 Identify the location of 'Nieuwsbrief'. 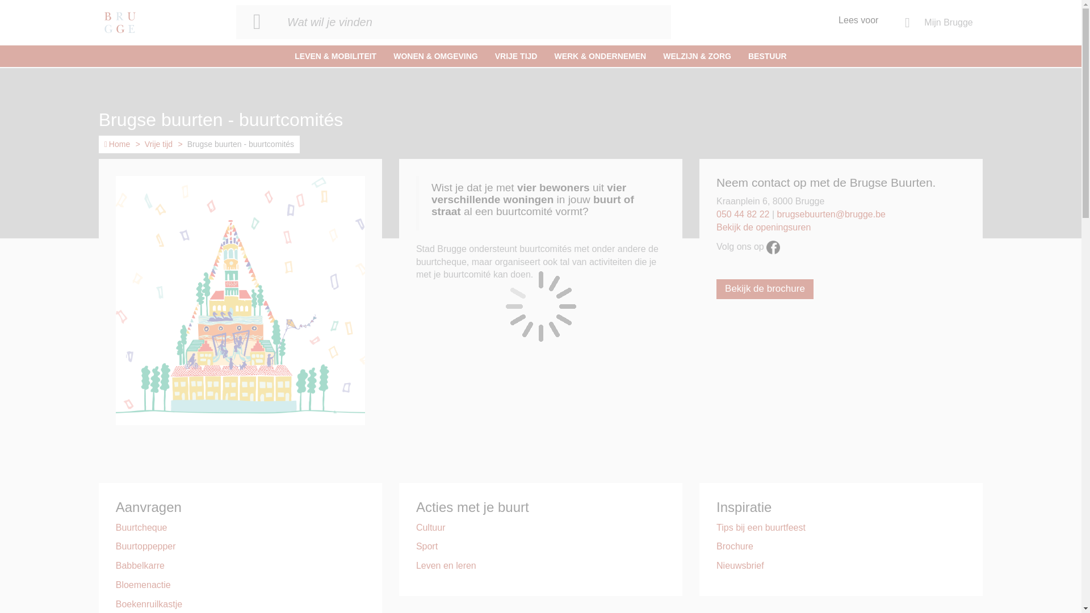
(716, 565).